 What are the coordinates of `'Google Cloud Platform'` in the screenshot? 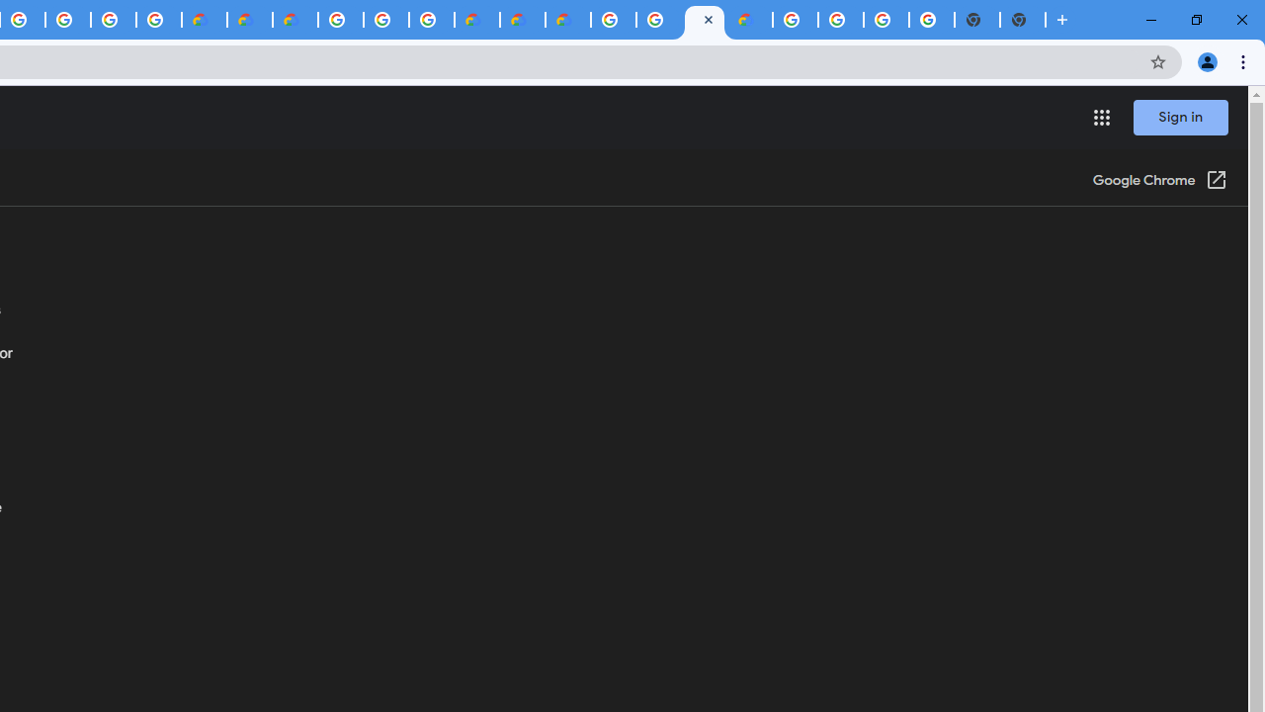 It's located at (841, 20).